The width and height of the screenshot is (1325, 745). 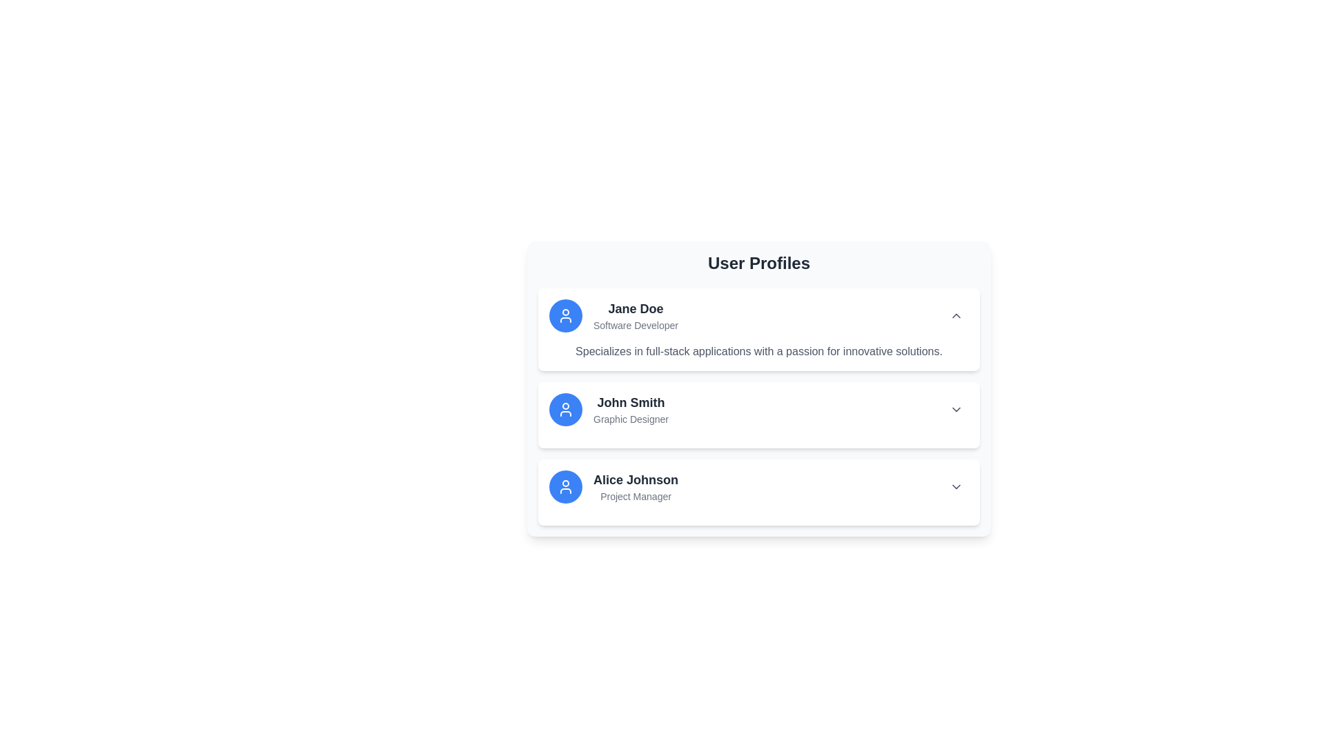 I want to click on the toggle button located in the right area of the card for 'John Smith', so click(x=956, y=409).